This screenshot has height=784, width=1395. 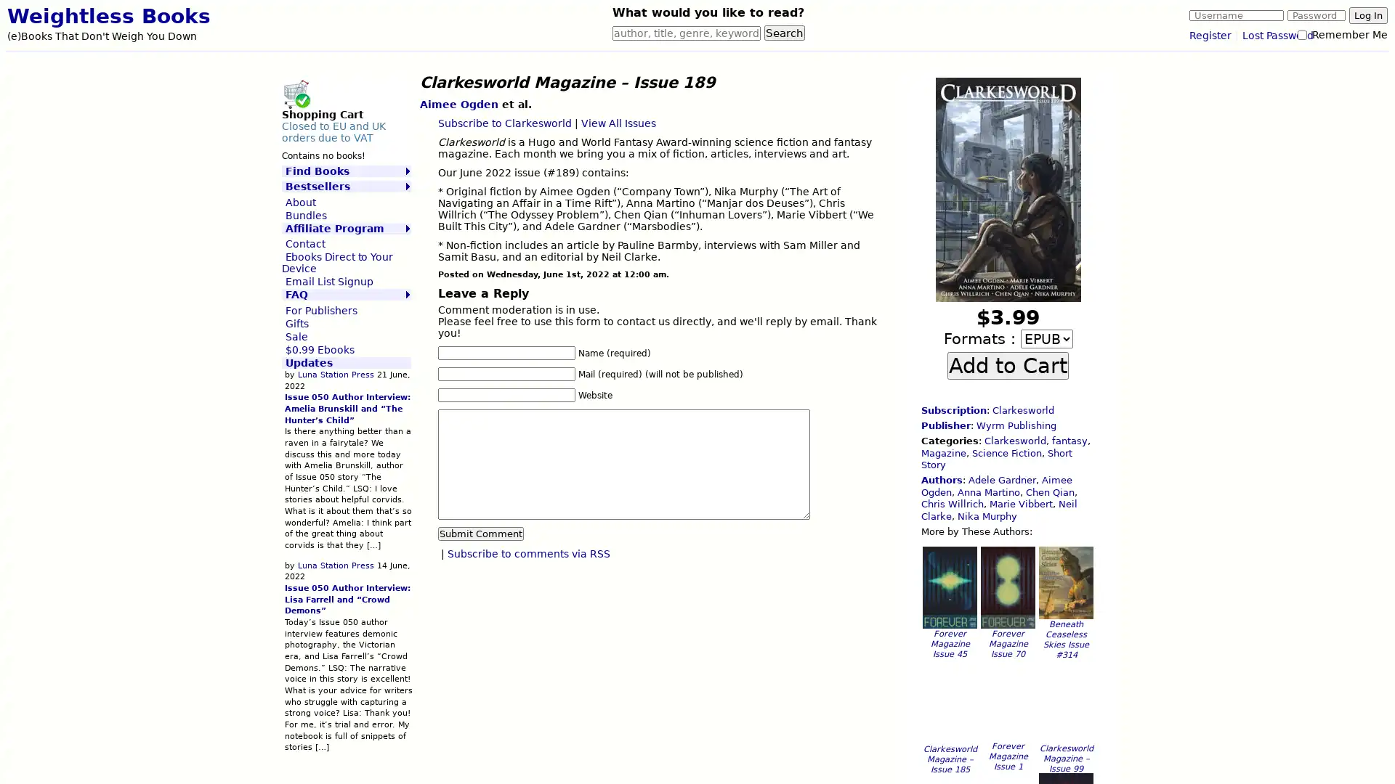 What do you see at coordinates (295, 93) in the screenshot?
I see `Shopping Cart` at bounding box center [295, 93].